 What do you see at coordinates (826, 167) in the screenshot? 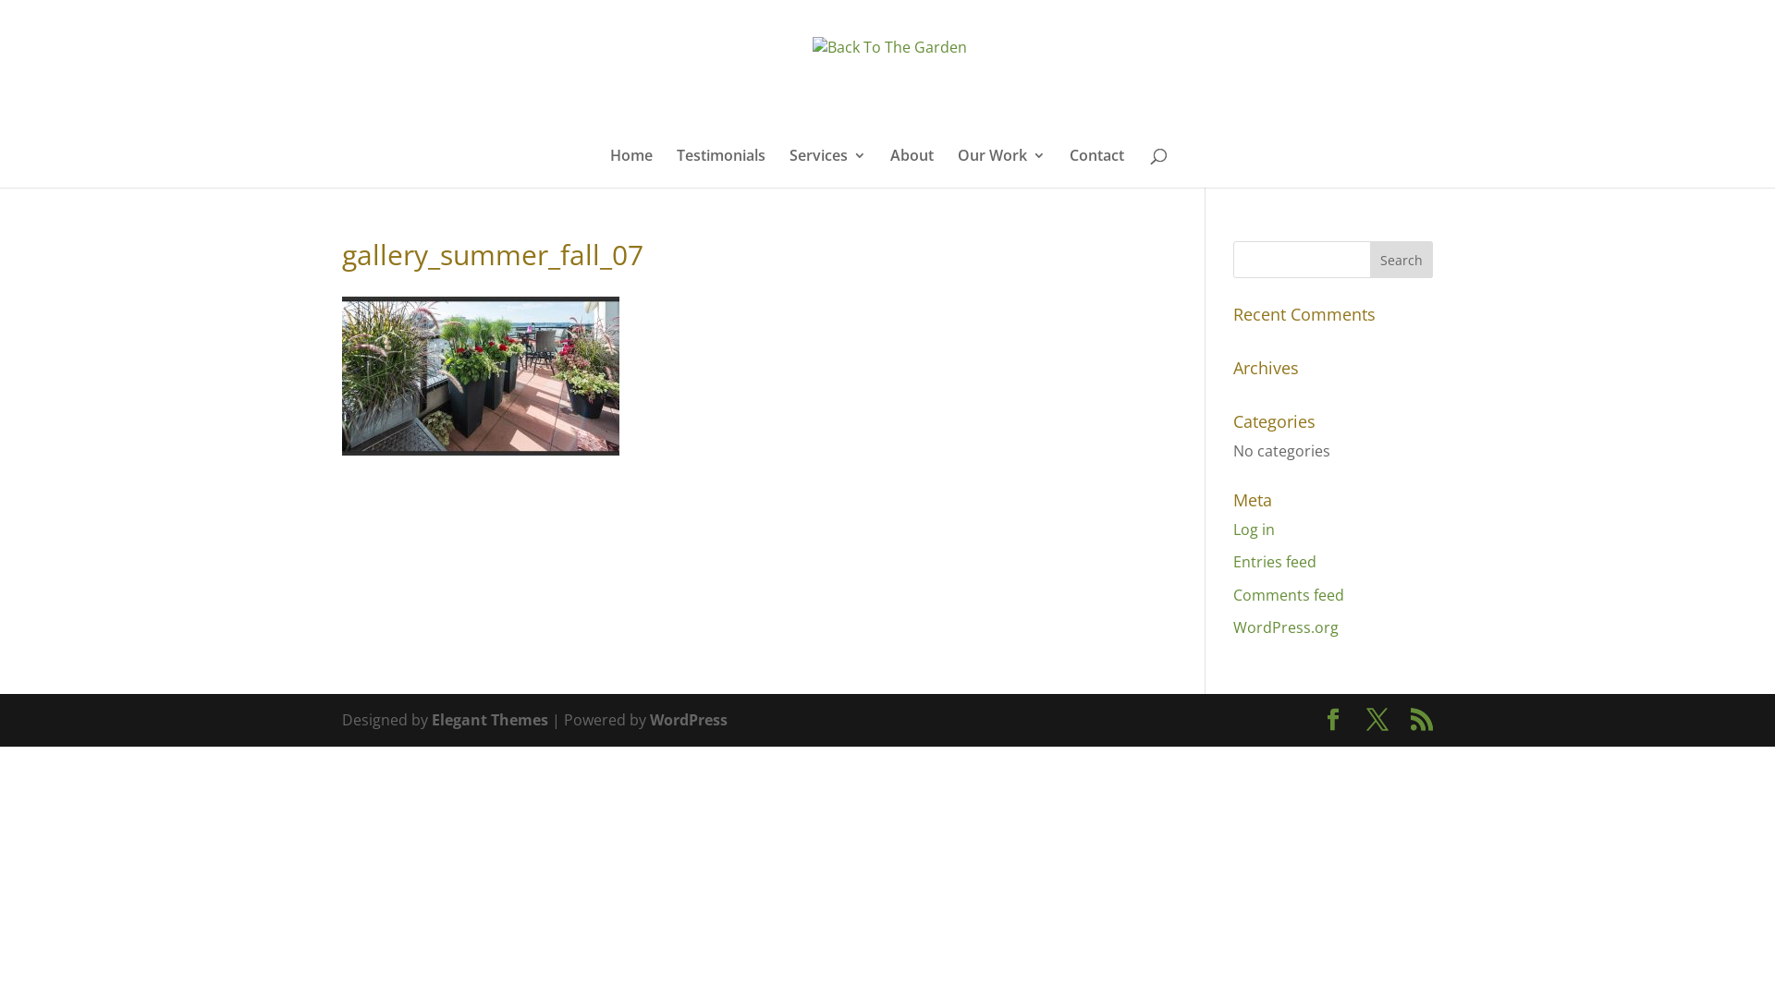
I see `'Services'` at bounding box center [826, 167].